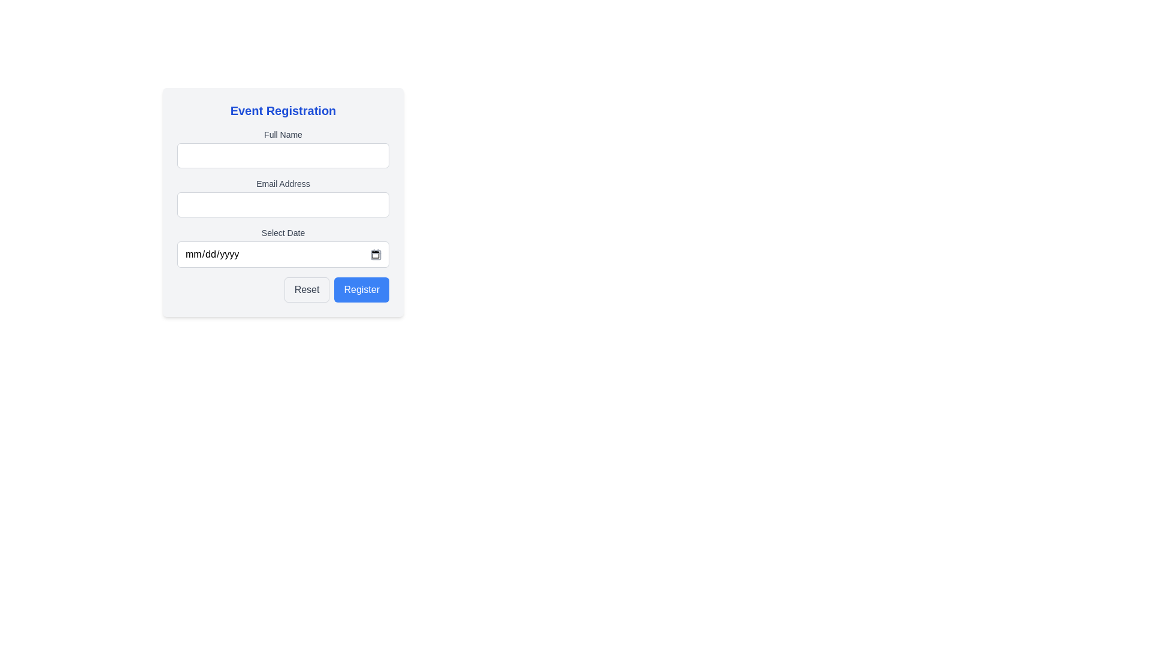  What do you see at coordinates (283, 134) in the screenshot?
I see `the label indicating the purpose of the adjacent input field for entering the full name, located at the top of the centered registration form` at bounding box center [283, 134].